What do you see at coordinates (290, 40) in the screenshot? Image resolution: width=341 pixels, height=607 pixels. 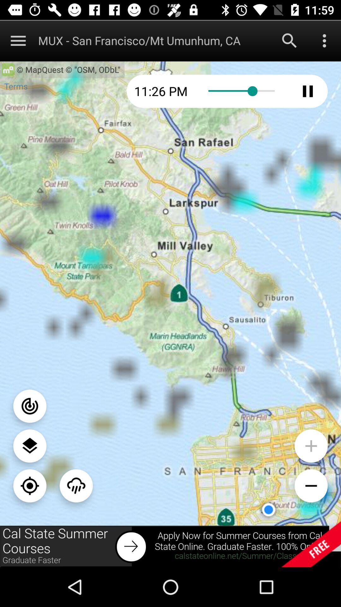 I see `search the location by name` at bounding box center [290, 40].